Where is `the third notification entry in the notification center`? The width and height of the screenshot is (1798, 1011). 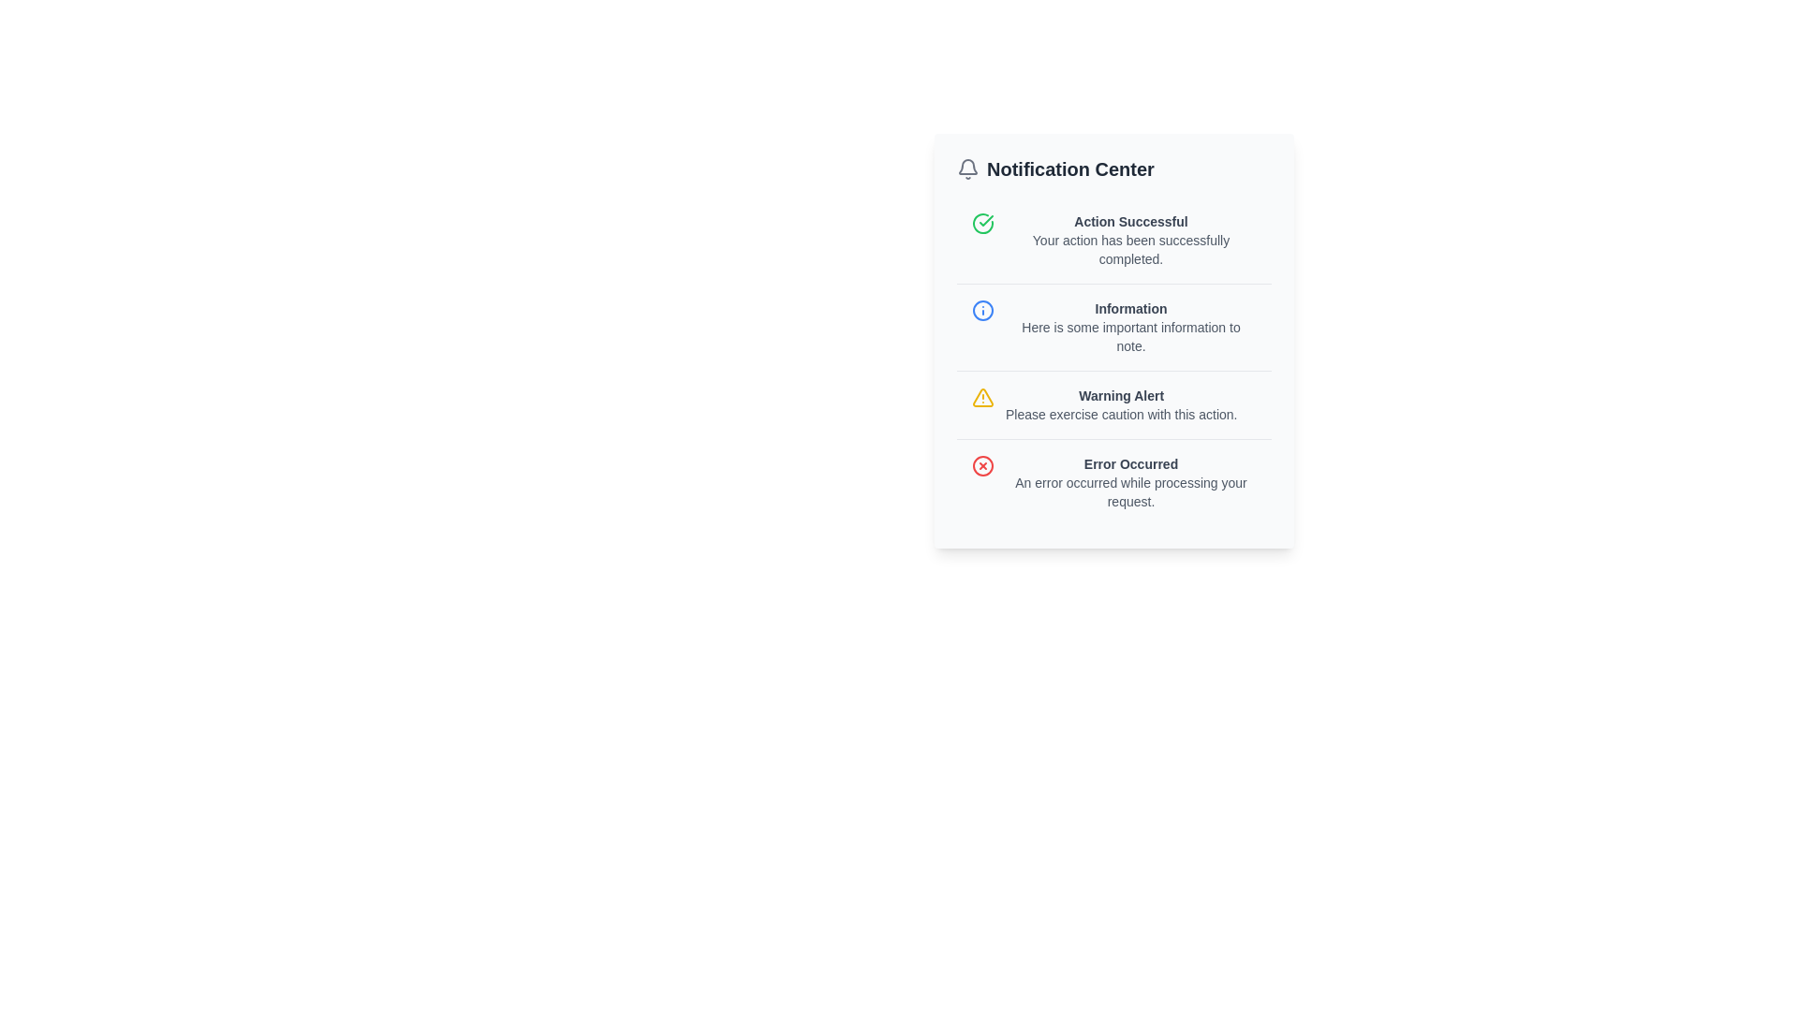 the third notification entry in the notification center is located at coordinates (1114, 404).